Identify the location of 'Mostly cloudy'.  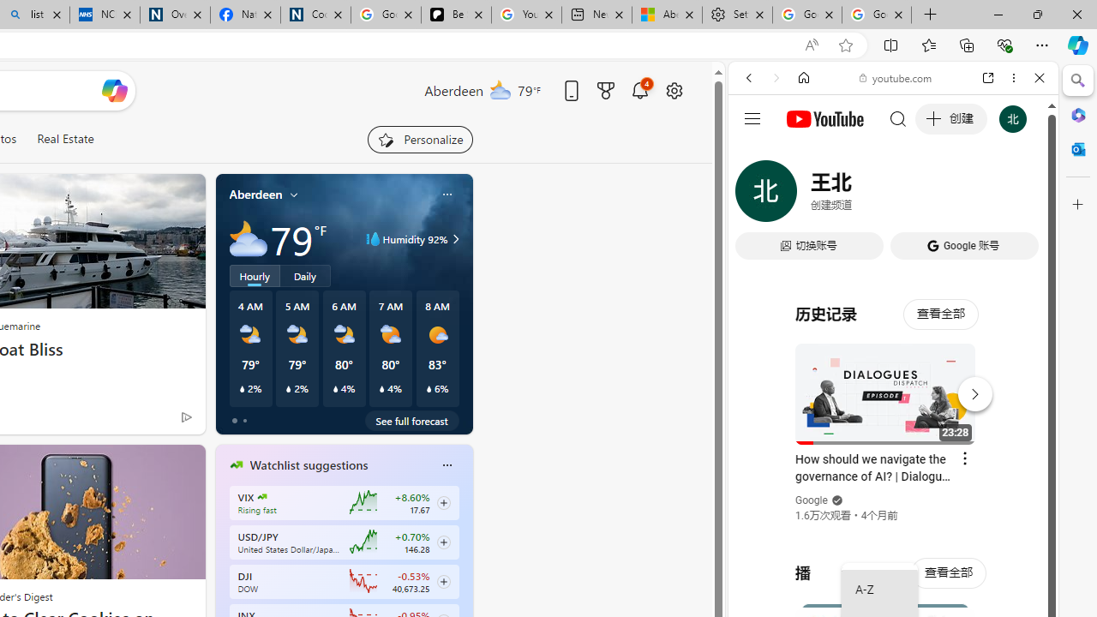
(247, 239).